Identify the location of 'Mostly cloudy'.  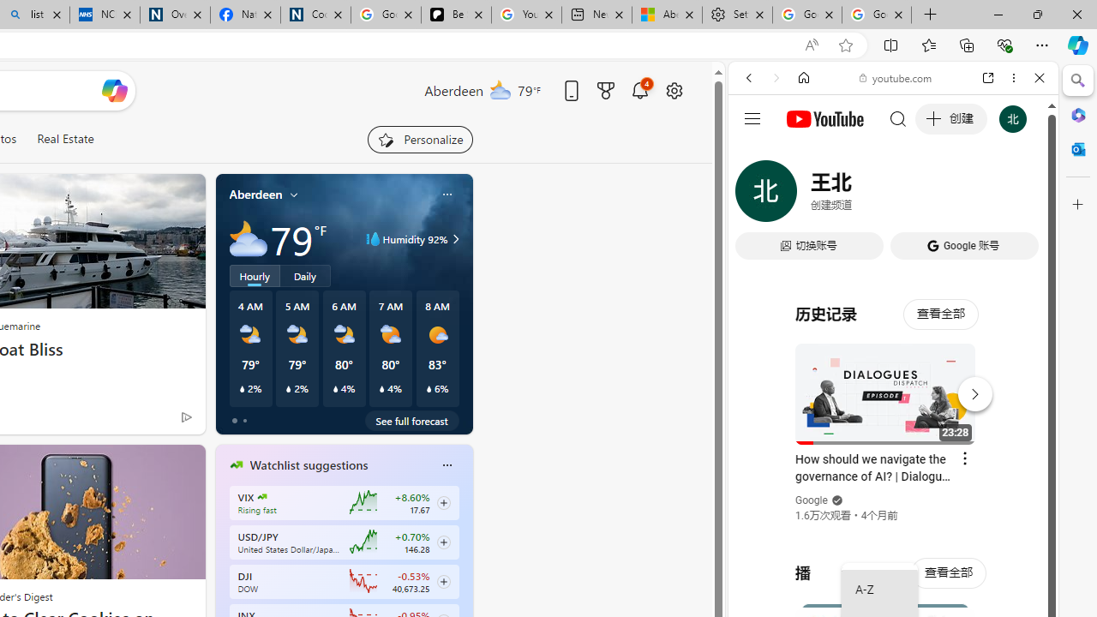
(247, 239).